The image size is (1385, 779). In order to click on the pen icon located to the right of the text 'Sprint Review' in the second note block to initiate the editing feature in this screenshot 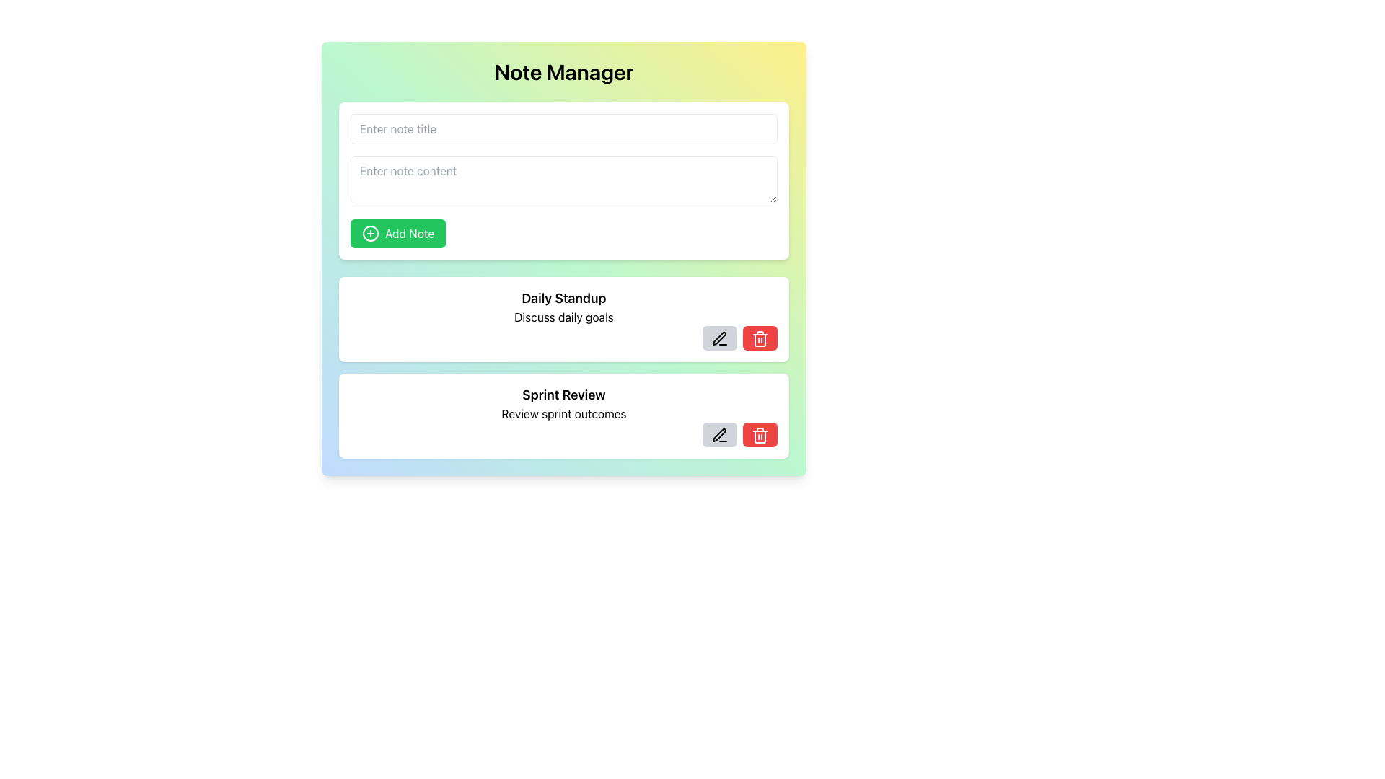, I will do `click(719, 338)`.